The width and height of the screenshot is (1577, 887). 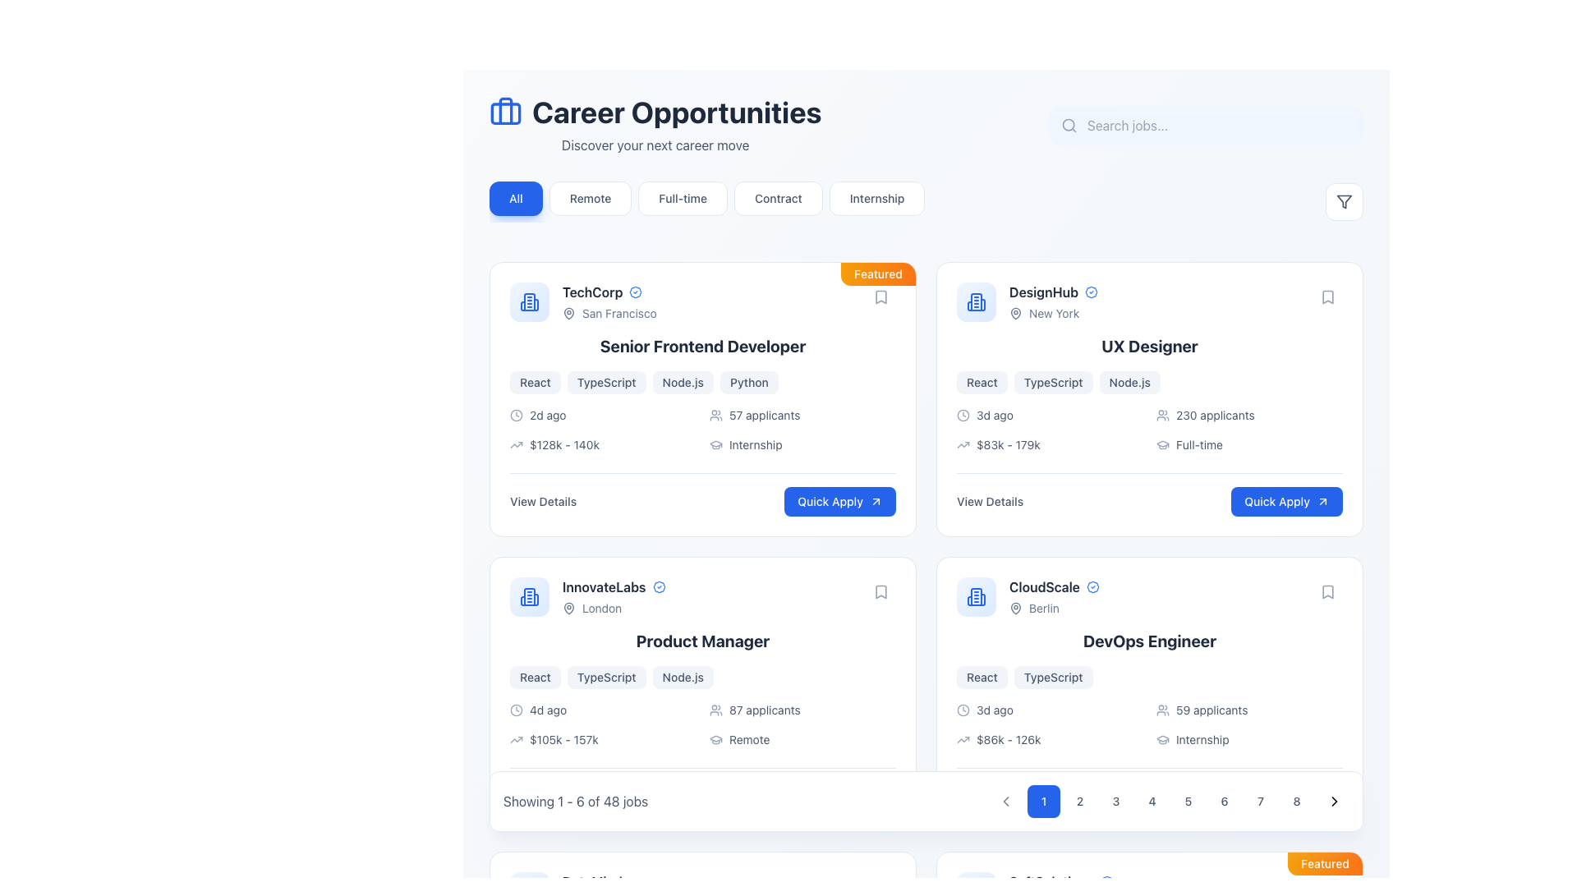 I want to click on the geographical location display element for the 'DesignHub UX Designer' job listing, which includes an icon and the 'New York' text label, located beneath the 'DesignHub' label, so click(x=1053, y=313).